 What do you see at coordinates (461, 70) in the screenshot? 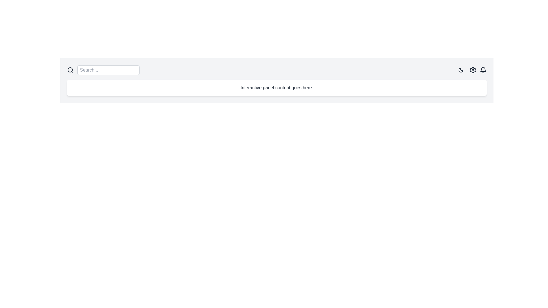
I see `the circular button with a dark moon icon` at bounding box center [461, 70].